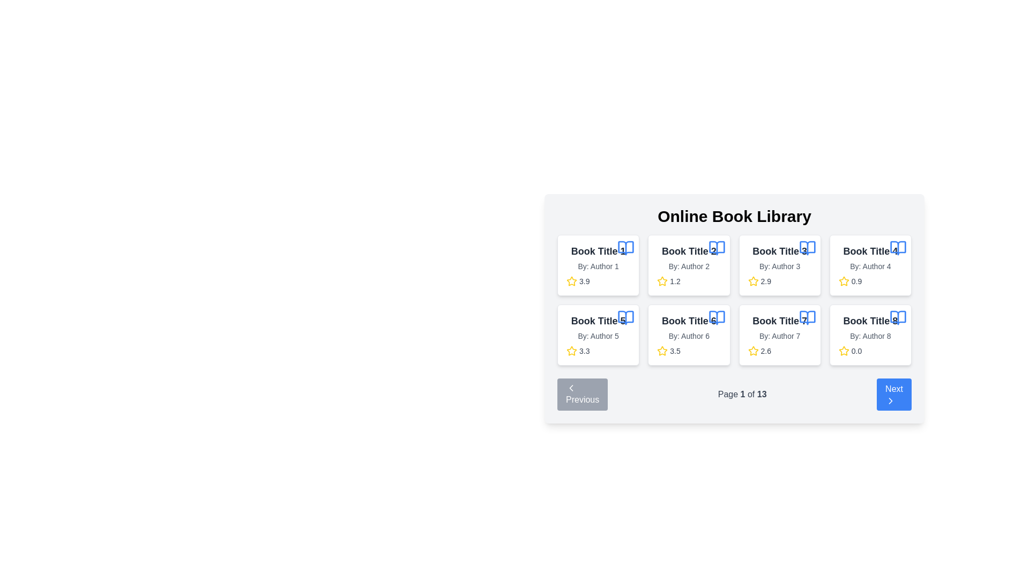 The width and height of the screenshot is (1029, 579). What do you see at coordinates (752, 351) in the screenshot?
I see `the outlined yellow star icon with a red central marker, which represents the rating for 'Book Title 7' in the Online Book Library` at bounding box center [752, 351].